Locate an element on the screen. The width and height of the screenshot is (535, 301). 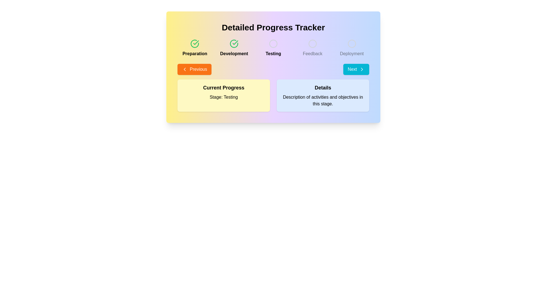
the informational Text label that displays the current stage of progress, which is centrally aligned within a yellow card below 'Current Progress' is located at coordinates (223, 97).